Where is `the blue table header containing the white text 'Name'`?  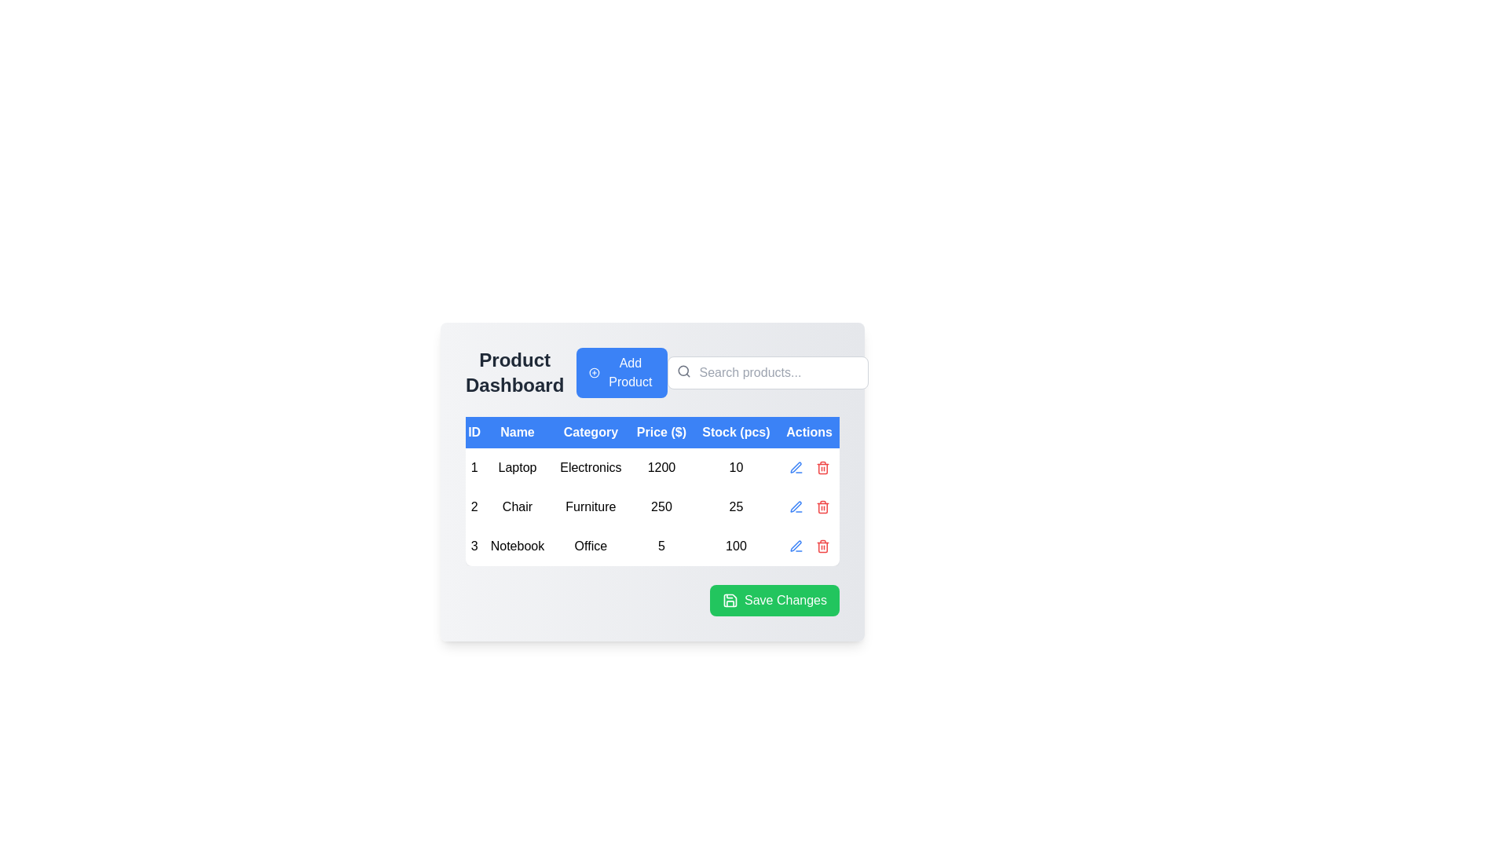
the blue table header containing the white text 'Name' is located at coordinates (517, 433).